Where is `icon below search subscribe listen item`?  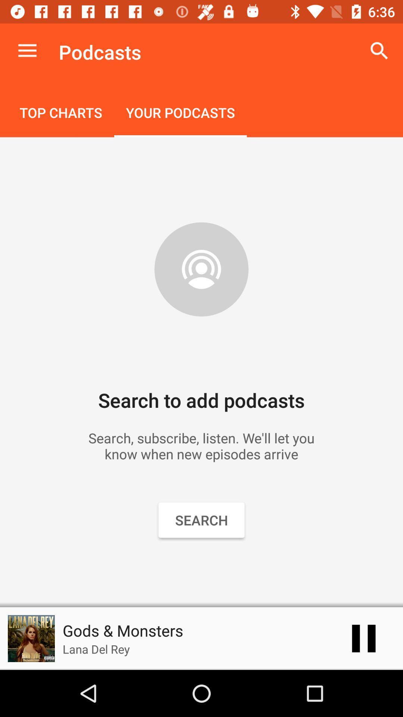
icon below search subscribe listen item is located at coordinates (363, 638).